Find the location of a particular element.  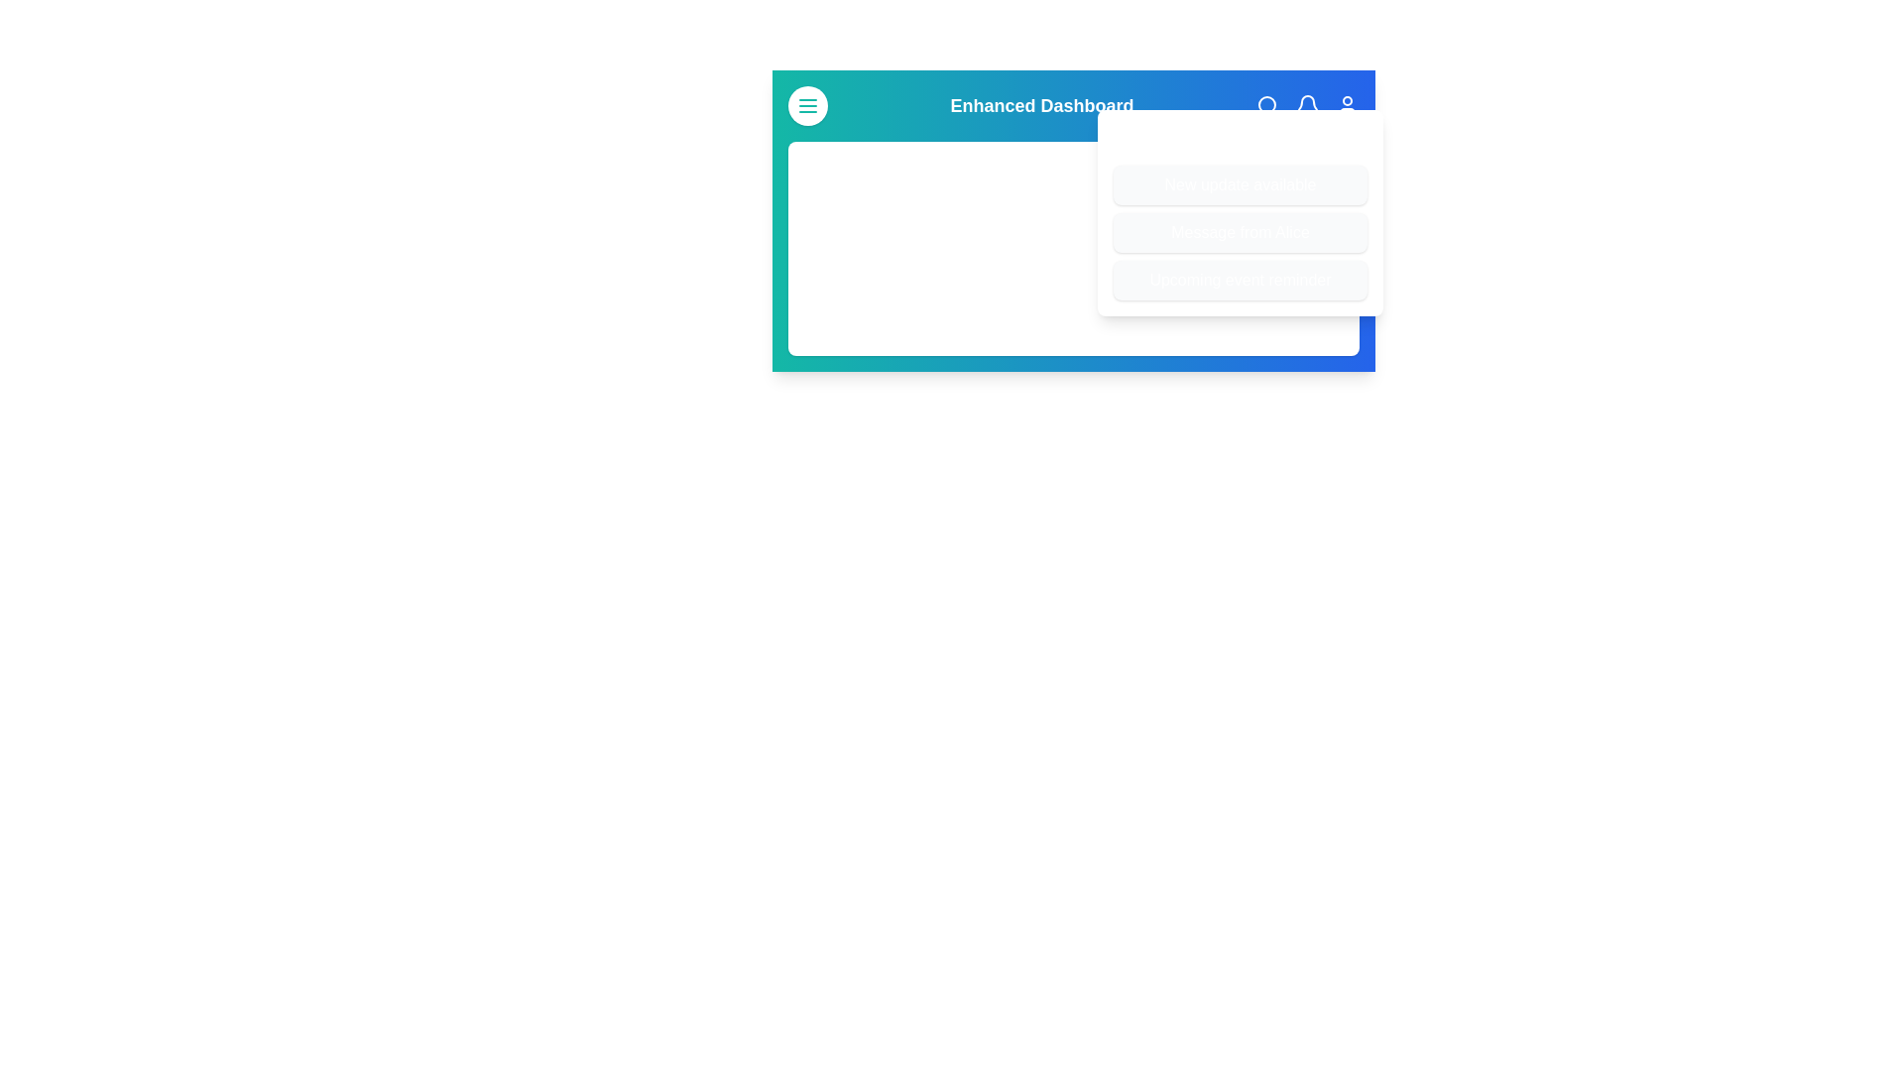

the notification bell icon to toggle the visibility of the notifications panel is located at coordinates (1307, 106).